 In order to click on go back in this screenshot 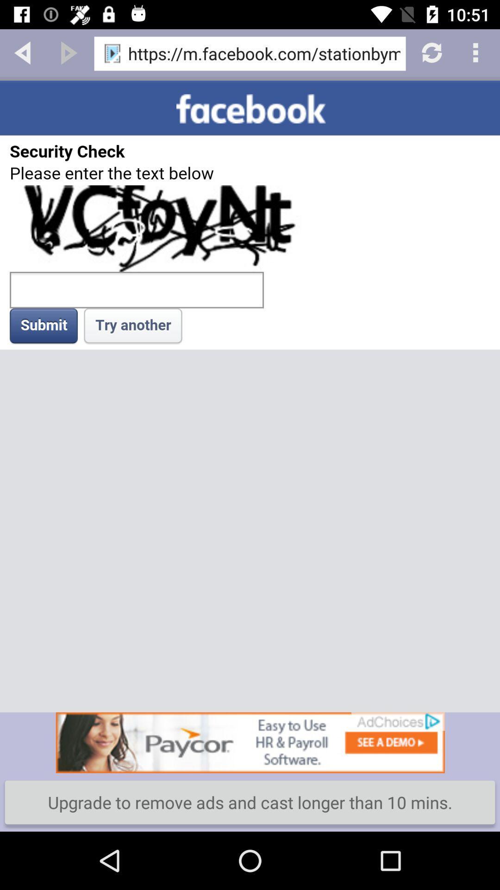, I will do `click(22, 51)`.